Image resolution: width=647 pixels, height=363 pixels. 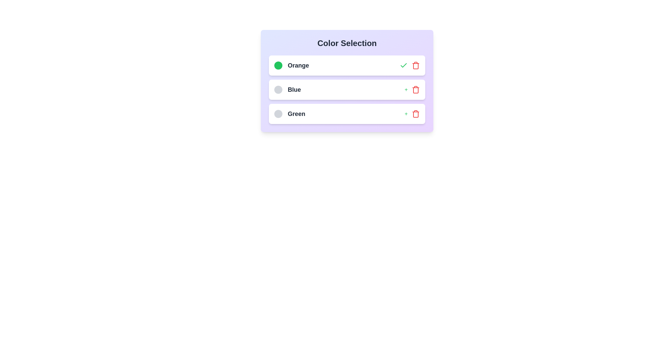 What do you see at coordinates (415, 89) in the screenshot?
I see `trash icon to remove the color item Blue` at bounding box center [415, 89].